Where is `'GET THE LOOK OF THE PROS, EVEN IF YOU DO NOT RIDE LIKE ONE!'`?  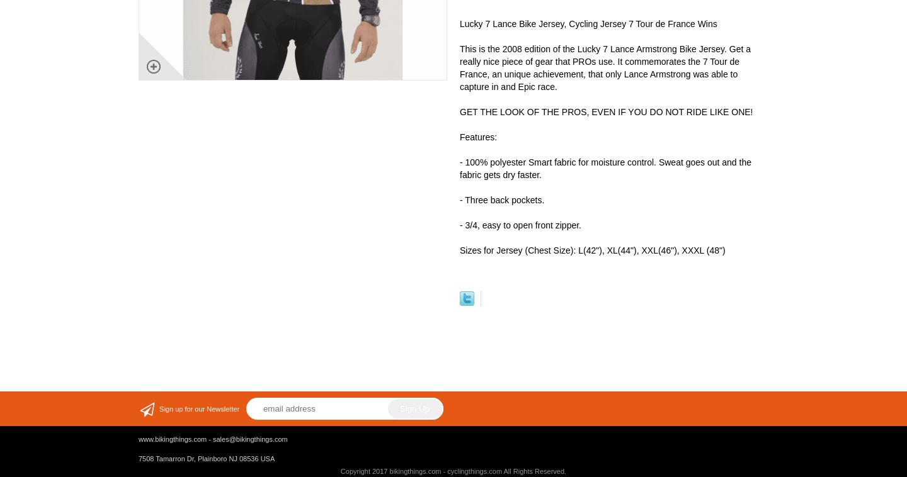
'GET THE LOOK OF THE PROS, EVEN IF YOU DO NOT RIDE LIKE ONE!' is located at coordinates (605, 111).